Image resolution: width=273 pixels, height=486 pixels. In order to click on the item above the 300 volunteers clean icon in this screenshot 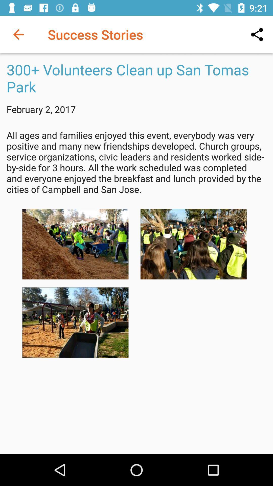, I will do `click(257, 34)`.